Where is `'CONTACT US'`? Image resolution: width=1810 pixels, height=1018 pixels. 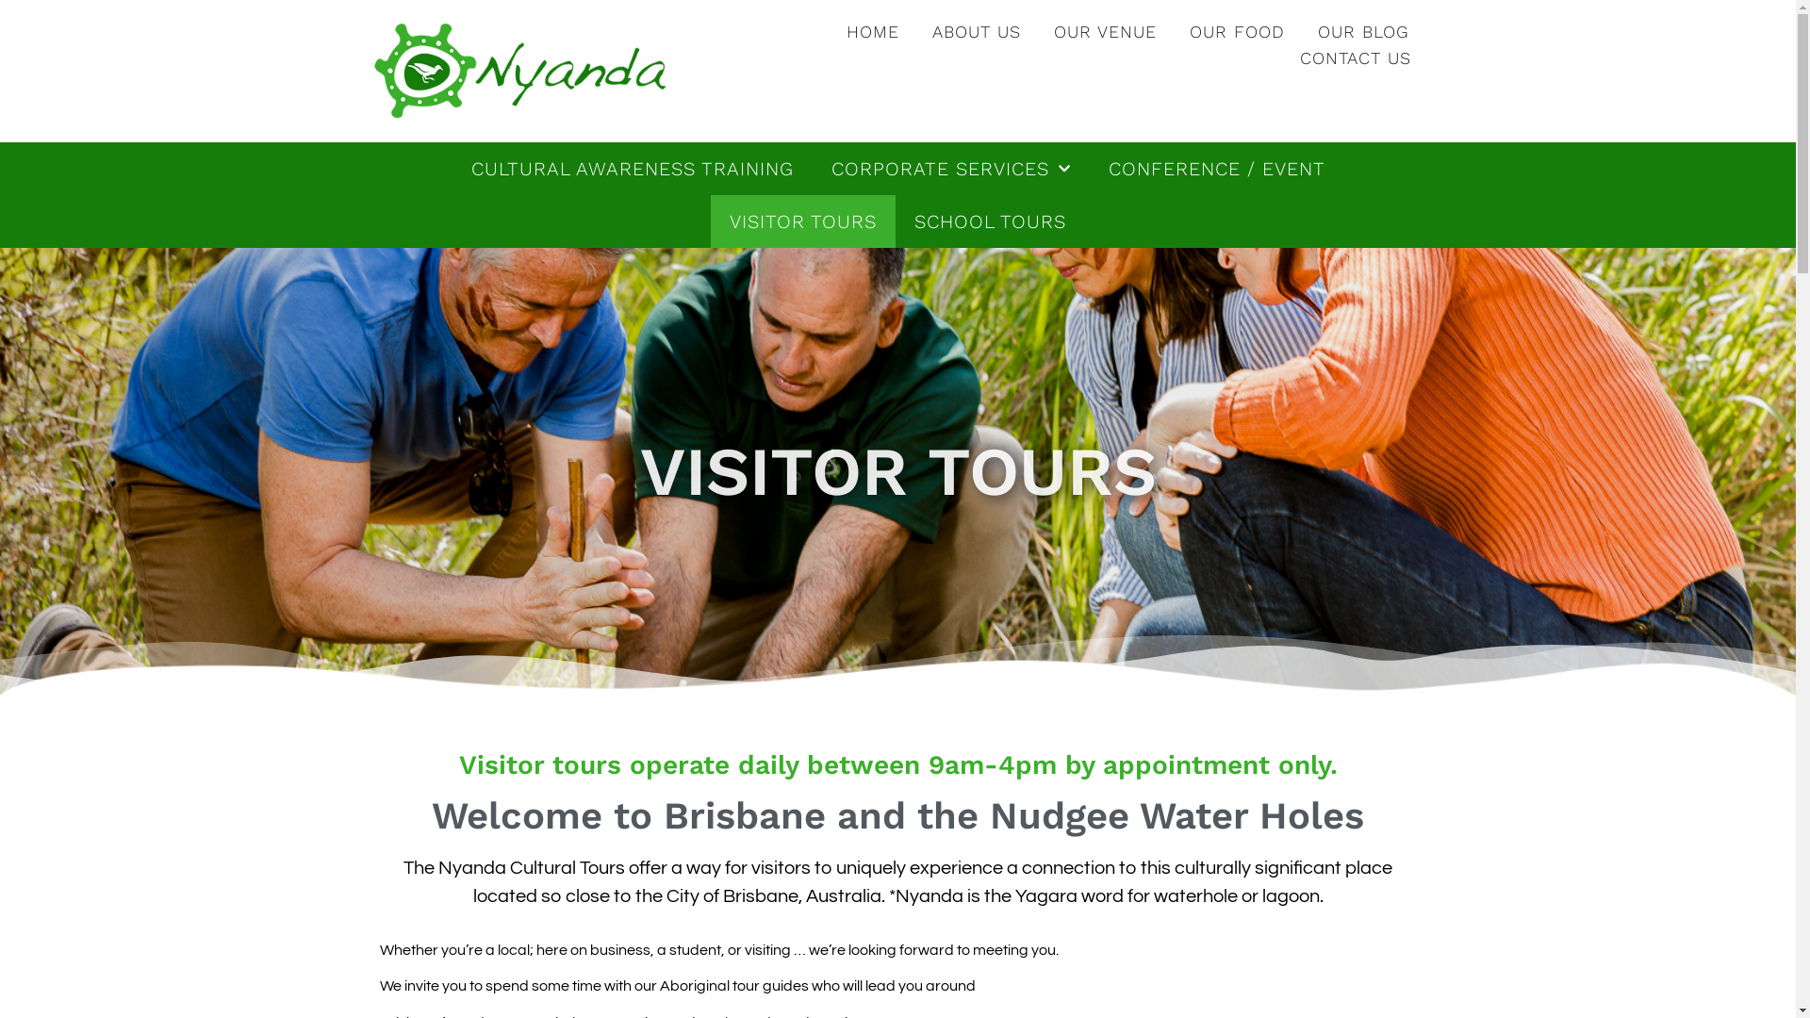
'CONTACT US' is located at coordinates (1355, 57).